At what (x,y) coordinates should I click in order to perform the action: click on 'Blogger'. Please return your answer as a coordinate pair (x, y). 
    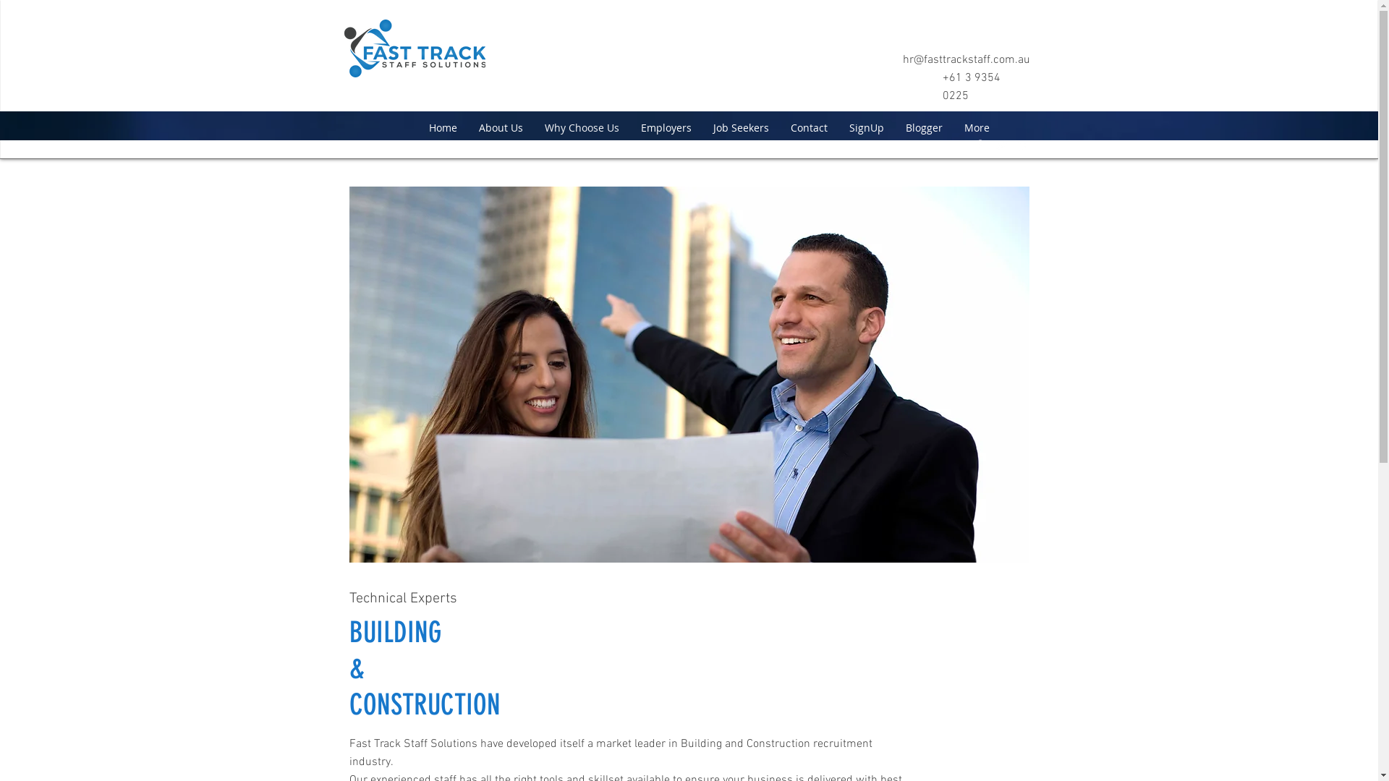
    Looking at the image, I should click on (922, 127).